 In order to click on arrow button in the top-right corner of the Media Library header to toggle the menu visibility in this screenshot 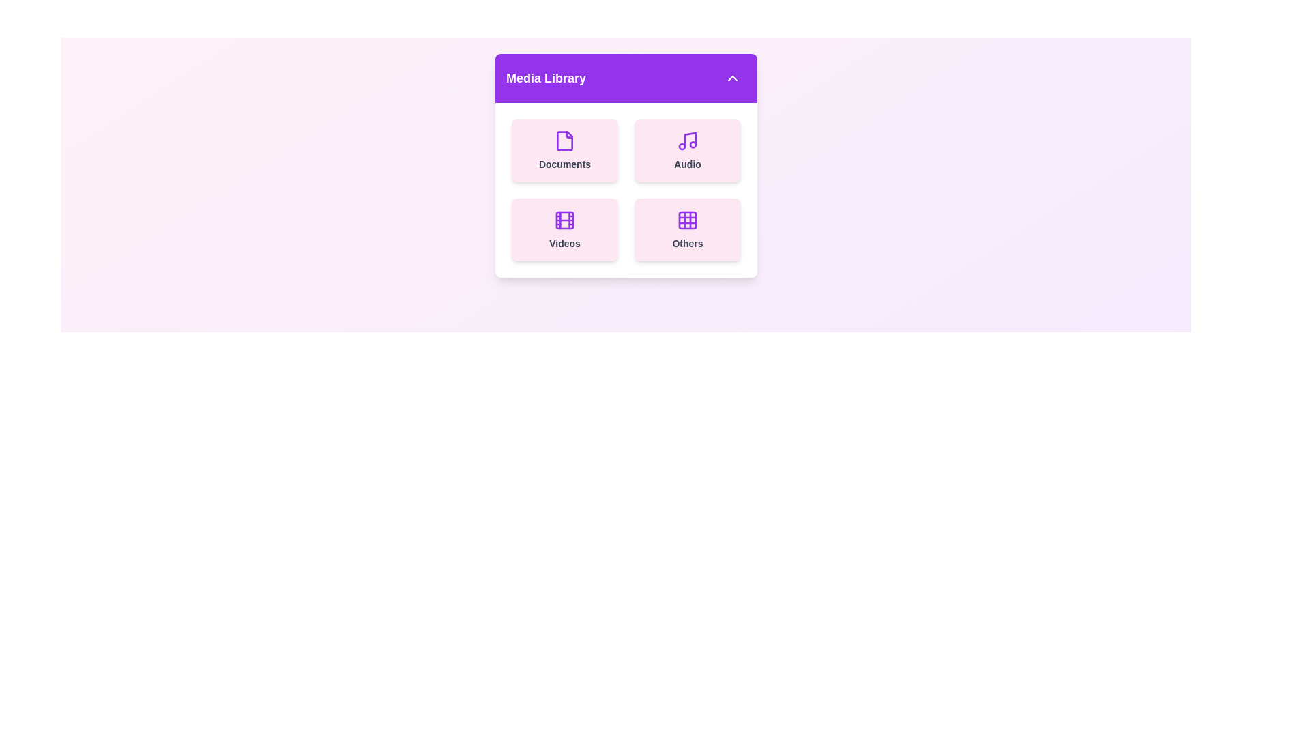, I will do `click(732, 78)`.